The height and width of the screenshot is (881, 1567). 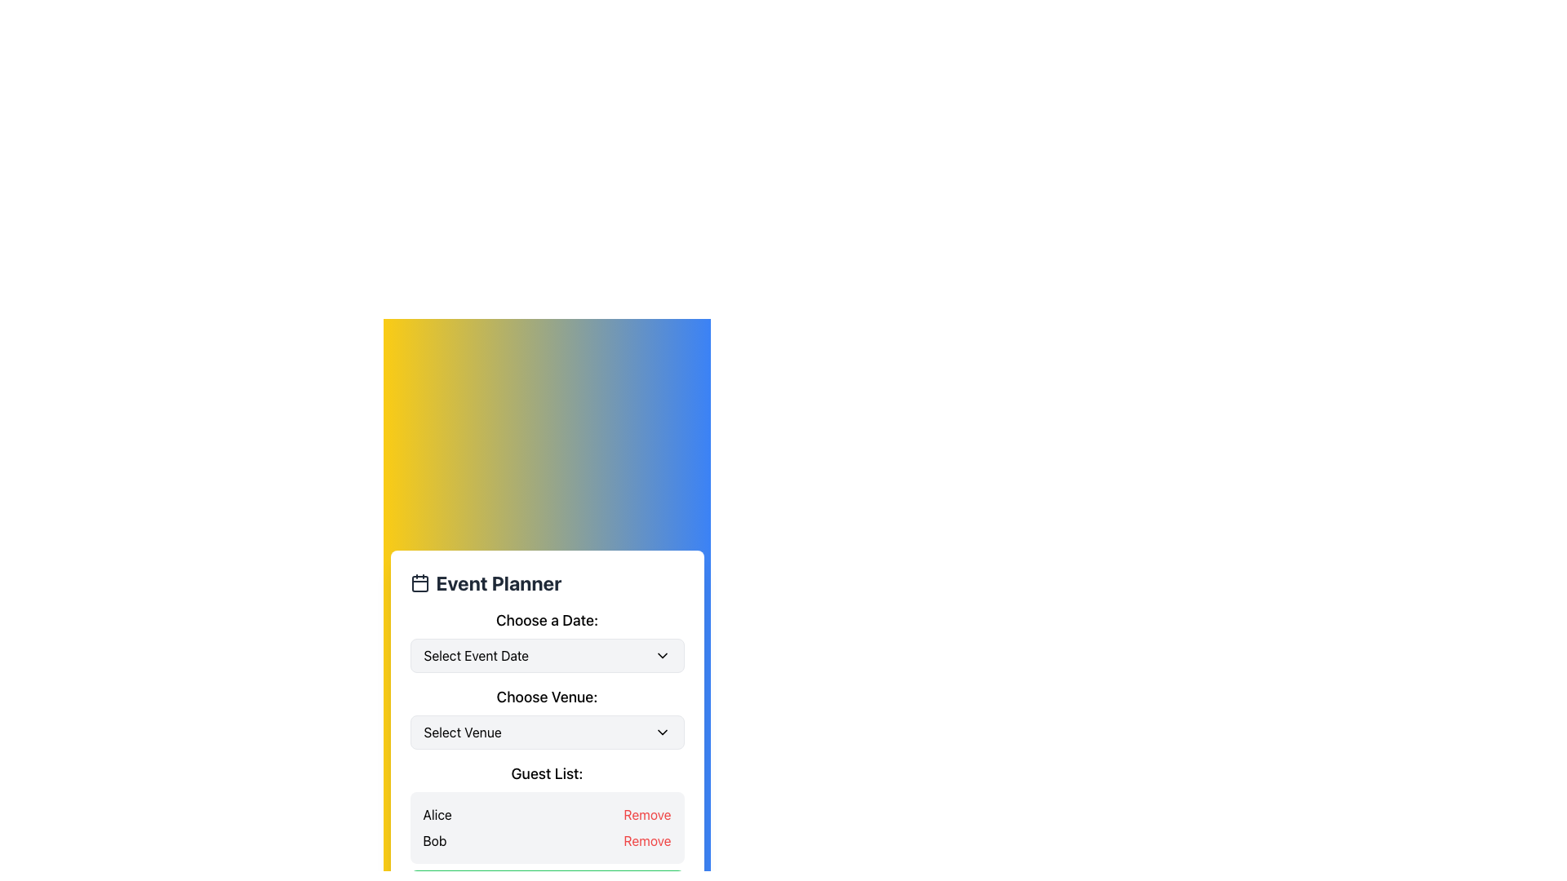 I want to click on the text label that serves as a heading for the input dropdown labeled 'Select Event Date', so click(x=547, y=620).